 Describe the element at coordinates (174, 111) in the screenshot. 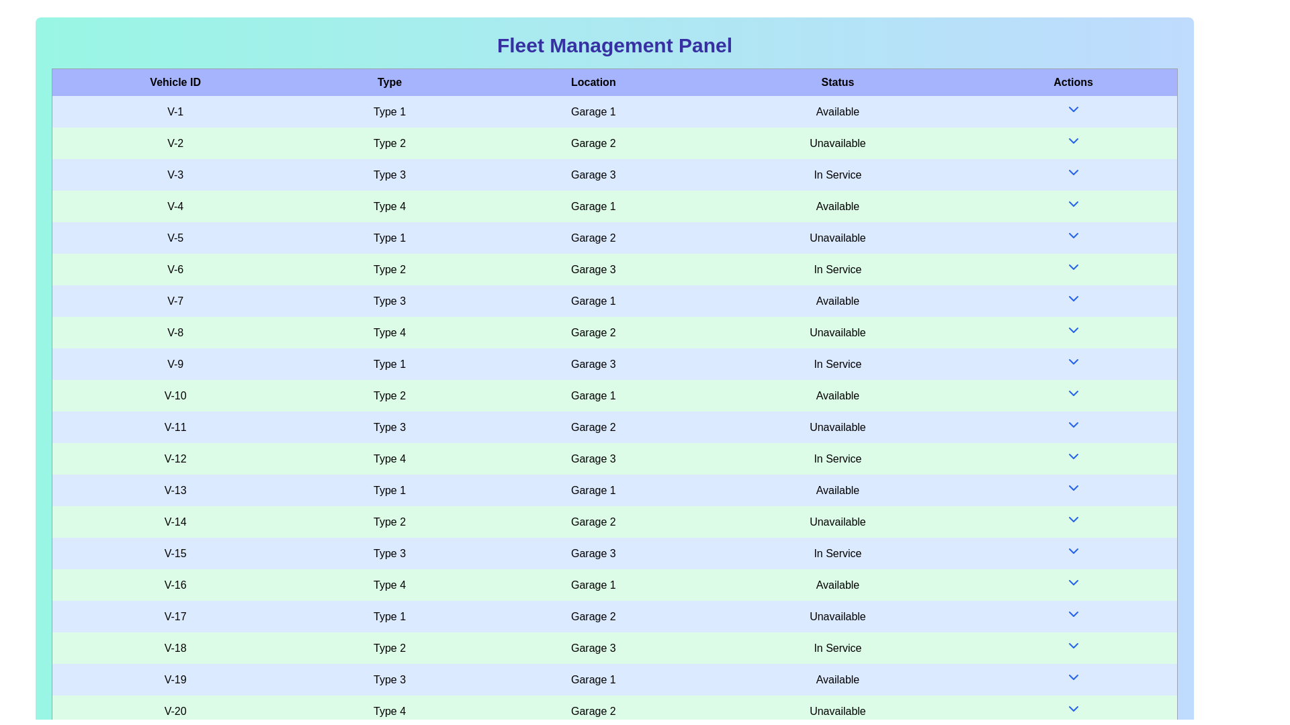

I see `the table cell corresponding to Vehicle ID V-1 to view the tooltip` at that location.